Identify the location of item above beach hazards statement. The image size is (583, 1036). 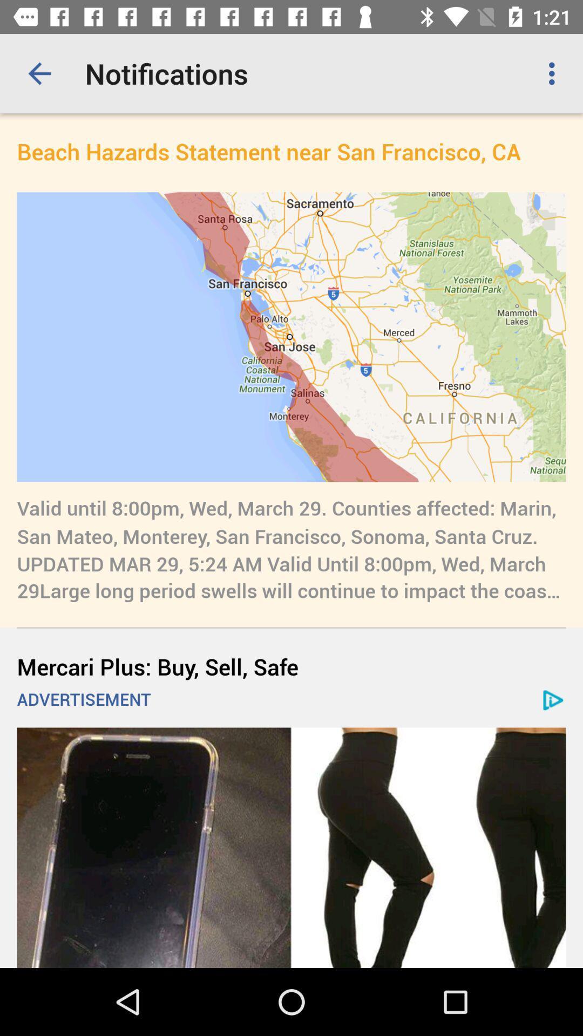
(554, 73).